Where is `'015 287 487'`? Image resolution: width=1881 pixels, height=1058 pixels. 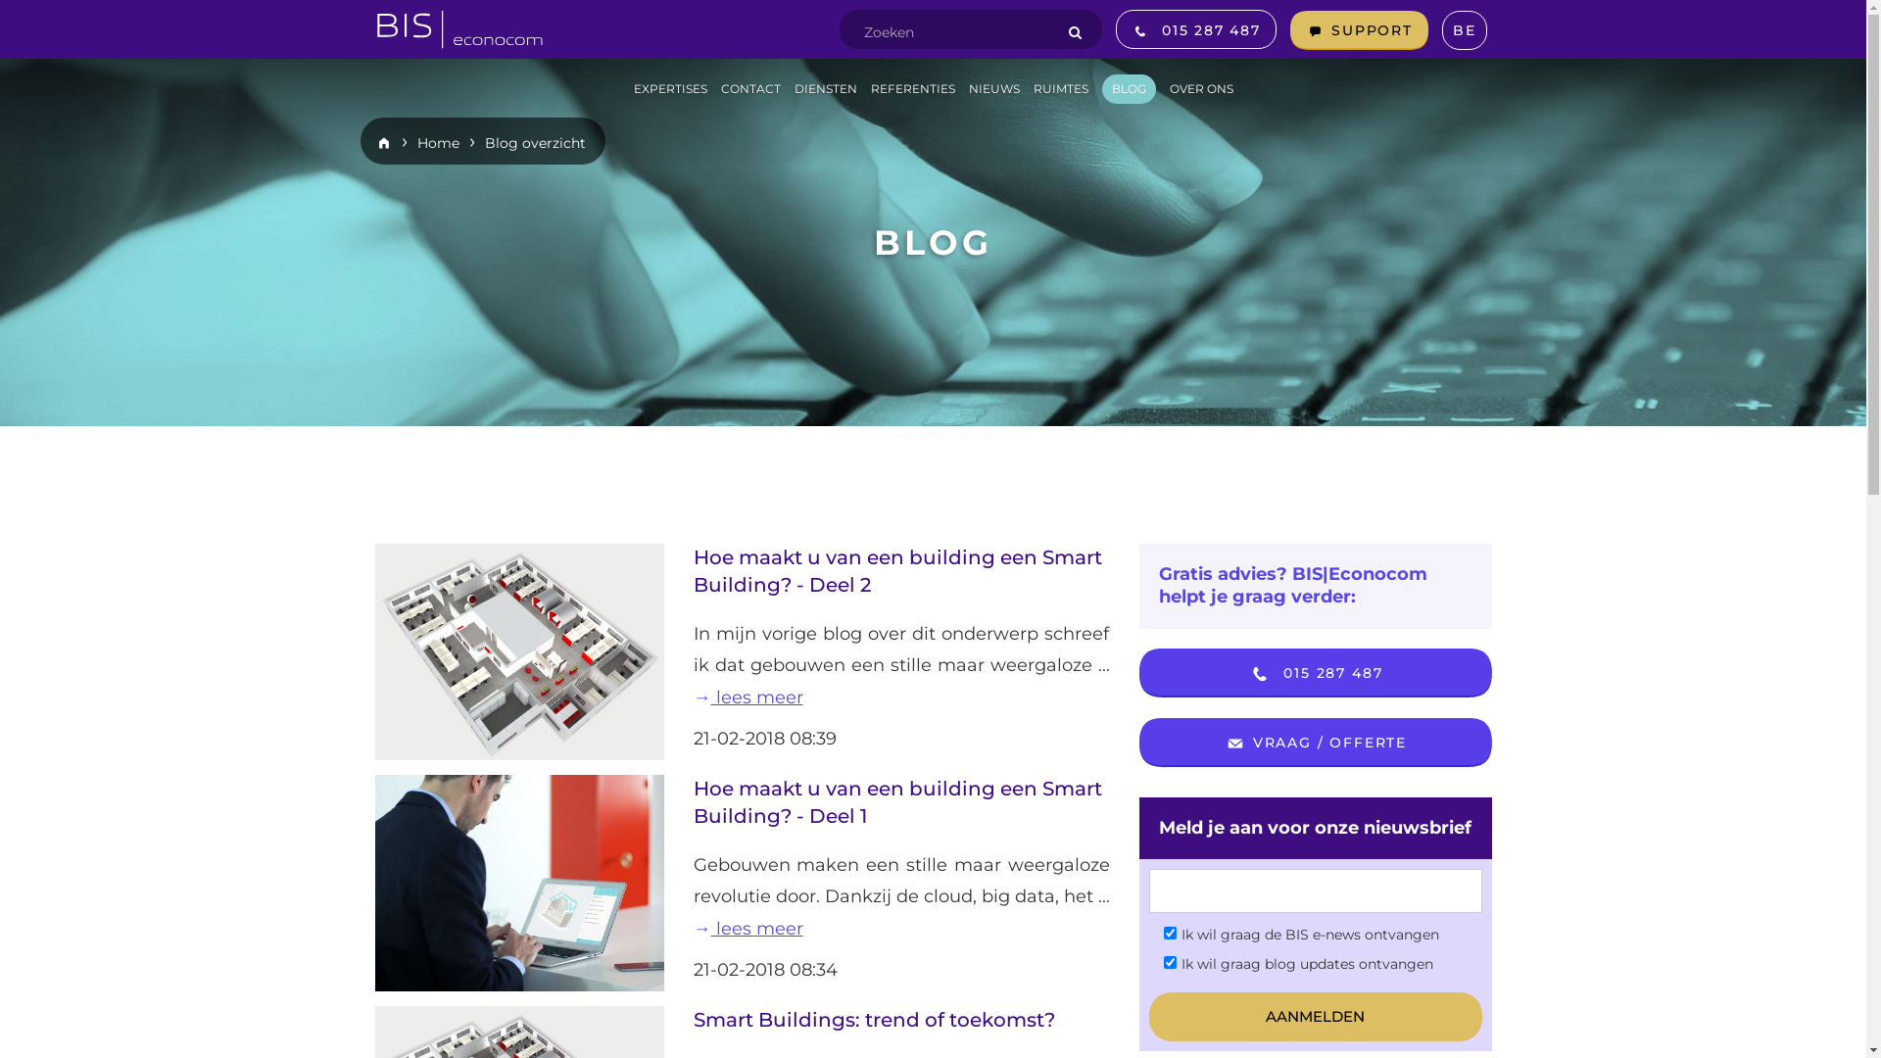
'015 287 487' is located at coordinates (1194, 29).